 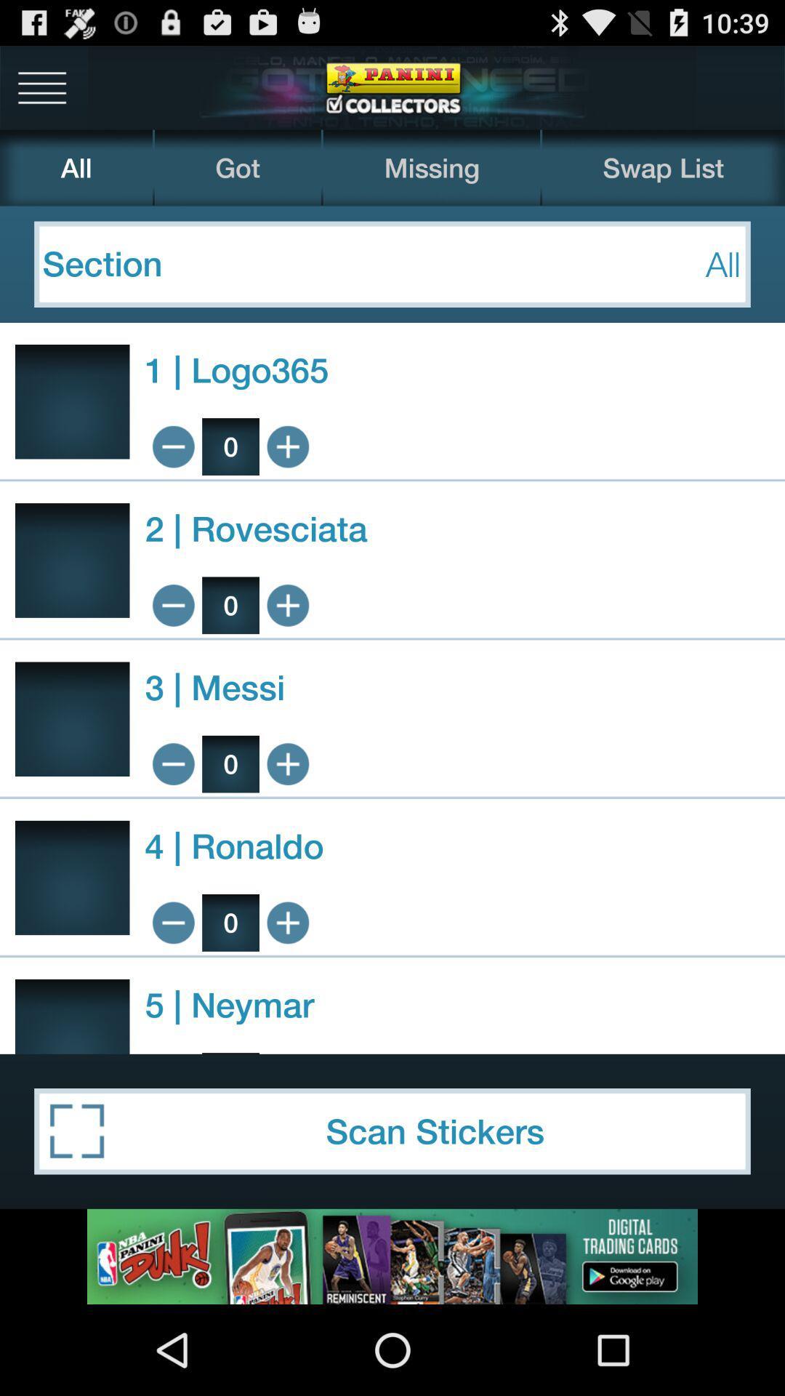 What do you see at coordinates (41, 92) in the screenshot?
I see `the menu icon` at bounding box center [41, 92].